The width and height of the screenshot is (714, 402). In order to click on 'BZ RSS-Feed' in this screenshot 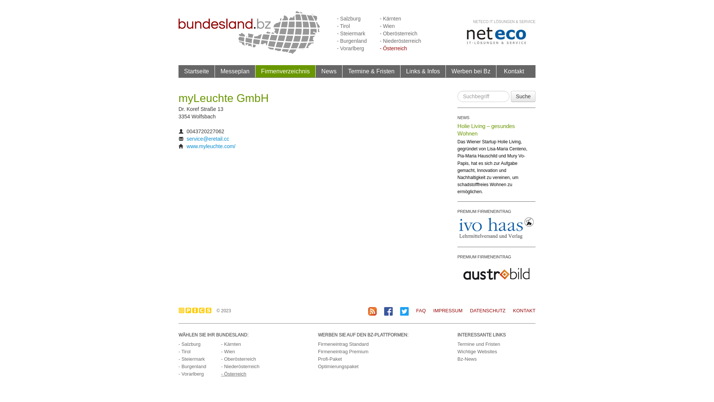, I will do `click(368, 311)`.